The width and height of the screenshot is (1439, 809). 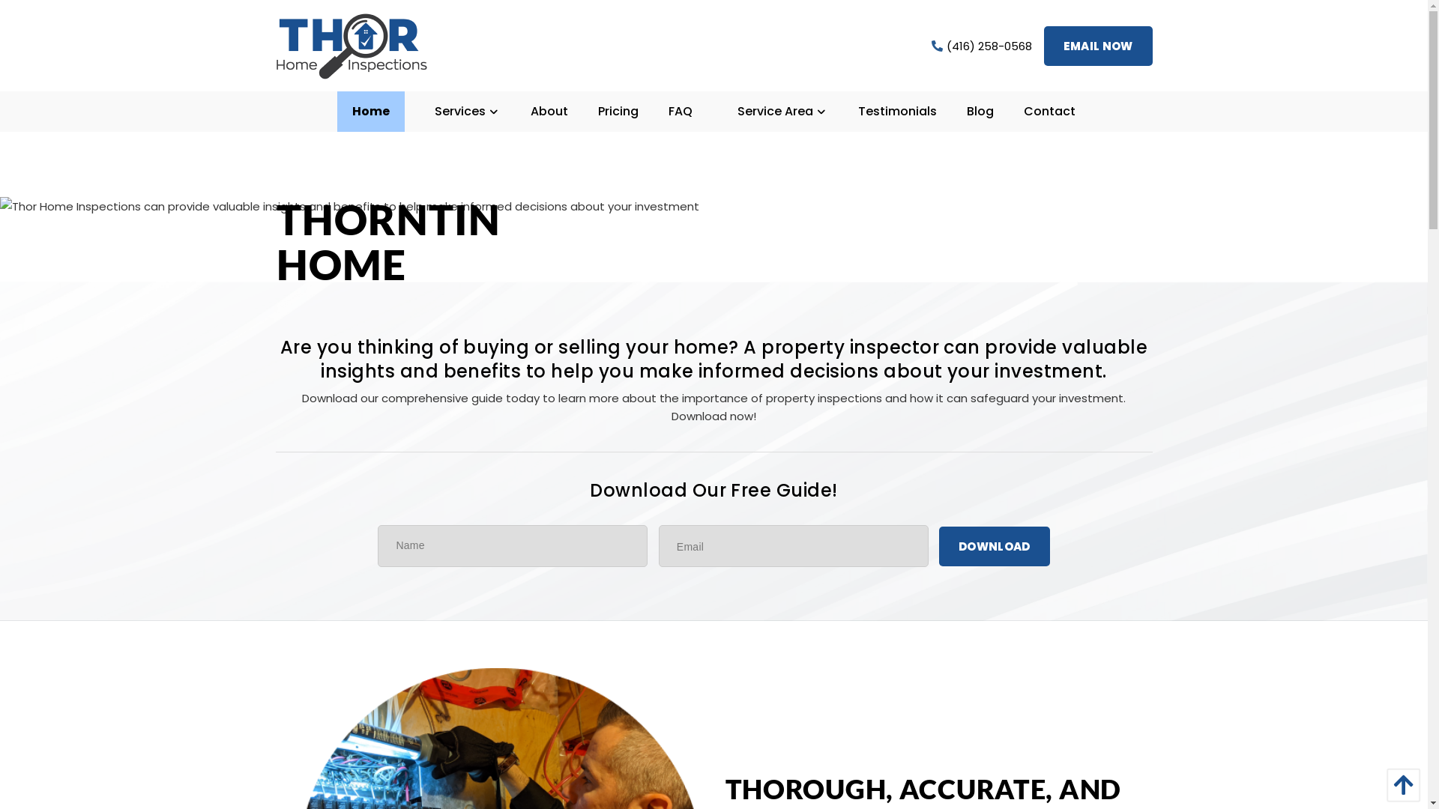 I want to click on 'About', so click(x=549, y=111).